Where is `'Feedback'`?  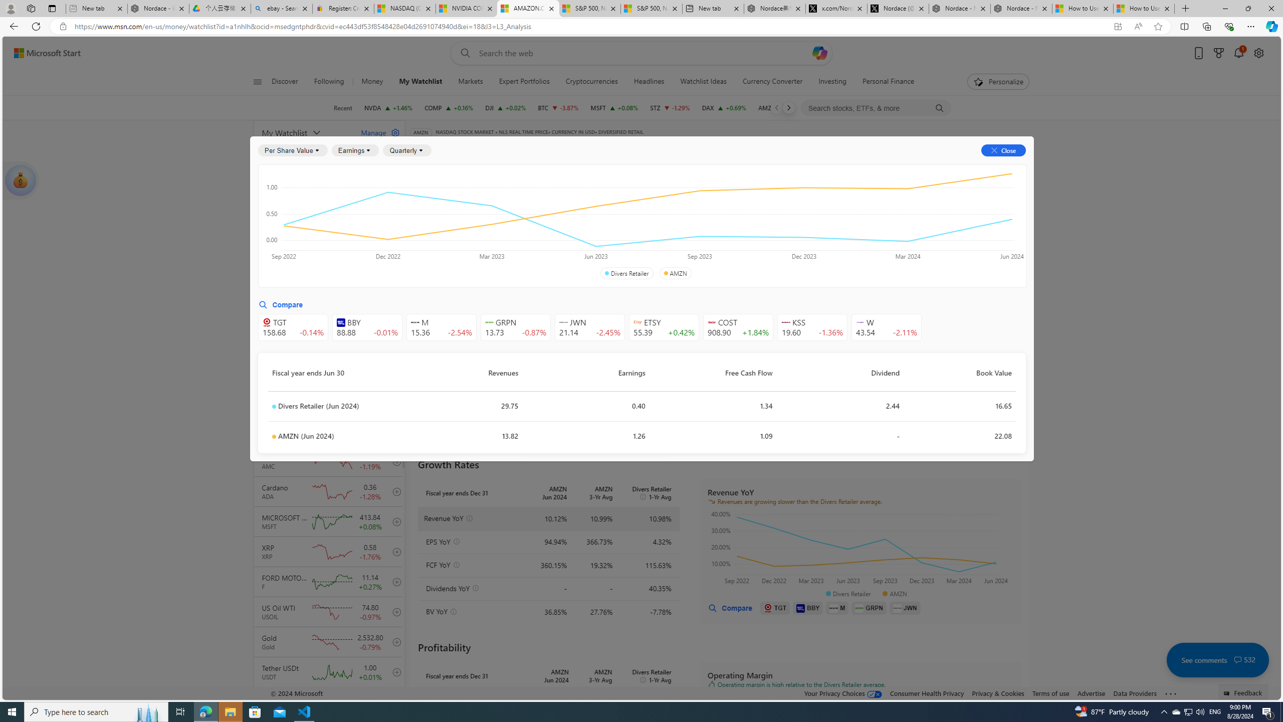 'Feedback' is located at coordinates (1243, 691).